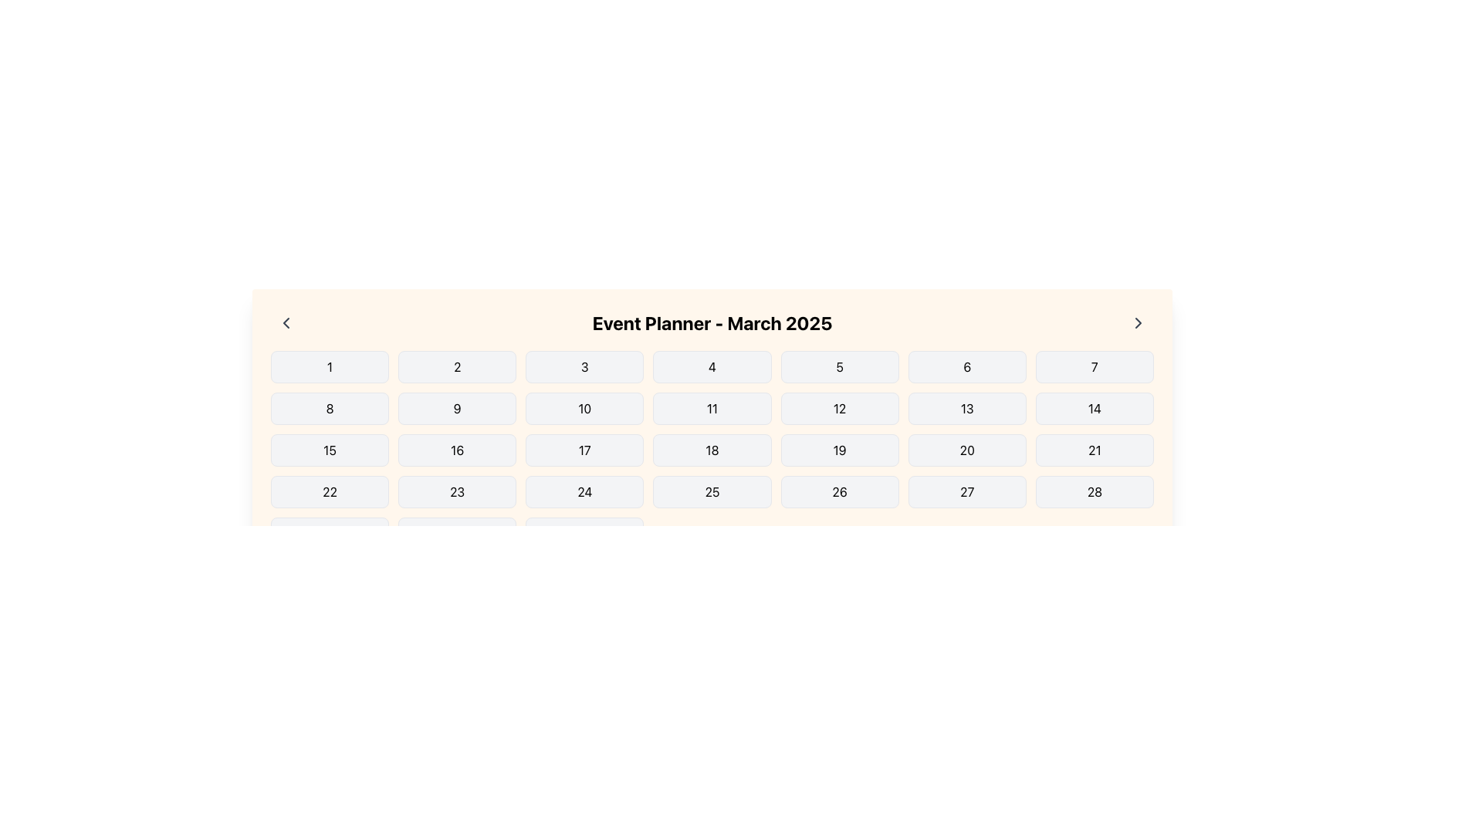  What do you see at coordinates (456, 366) in the screenshot?
I see `the Calendar day button labeled '2'` at bounding box center [456, 366].